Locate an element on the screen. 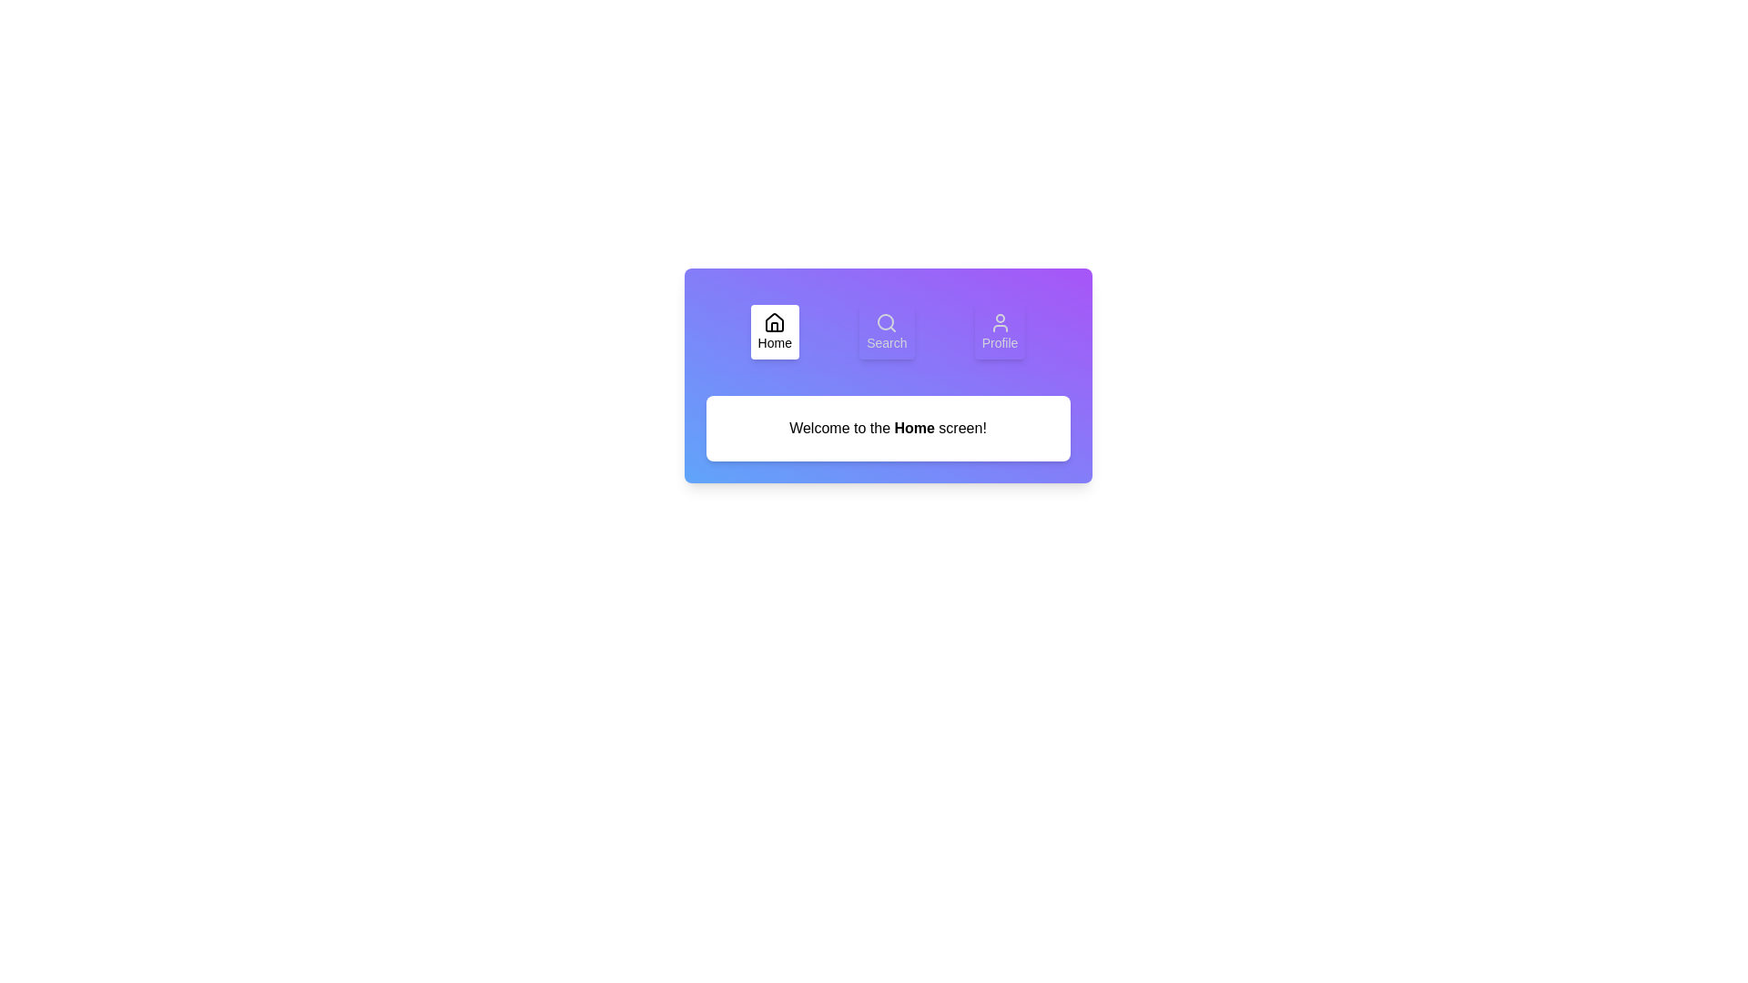  the 'Home' button, which is a button-like UI component displaying a house-shaped icon and has a white background with rounded edges is located at coordinates (775, 332).